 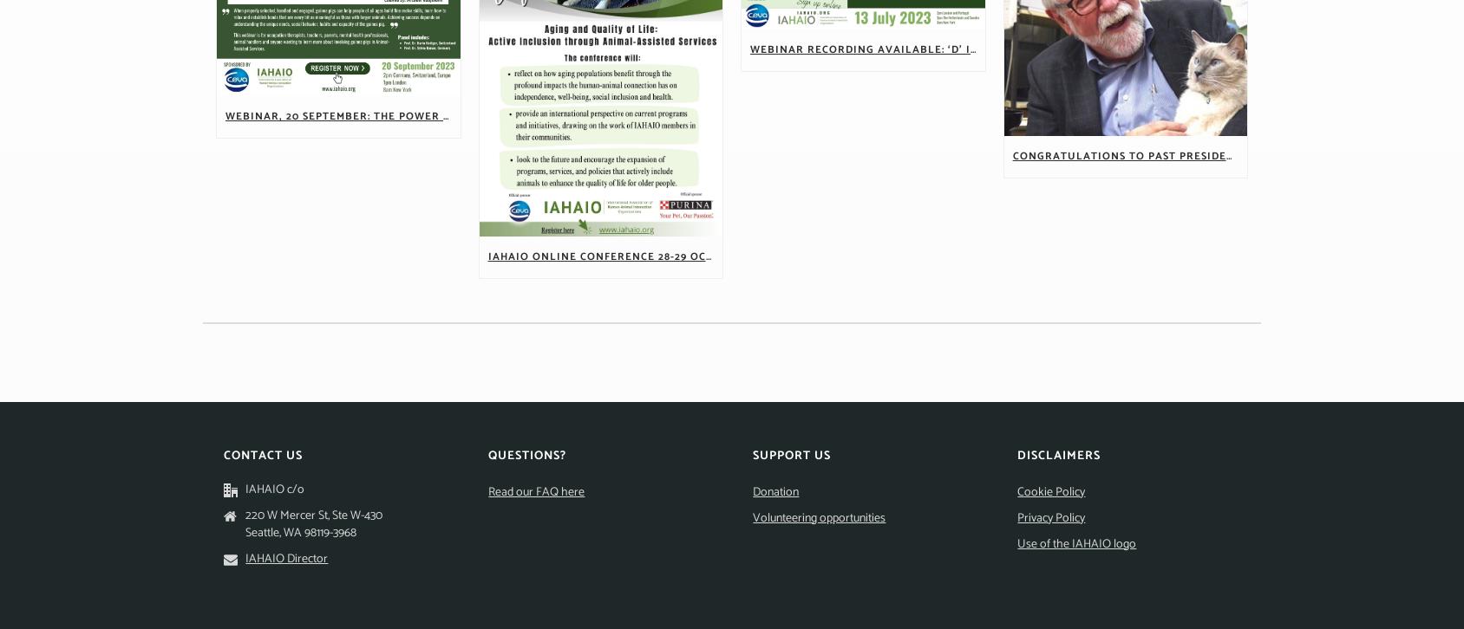 I want to click on 'Contact Us', so click(x=262, y=456).